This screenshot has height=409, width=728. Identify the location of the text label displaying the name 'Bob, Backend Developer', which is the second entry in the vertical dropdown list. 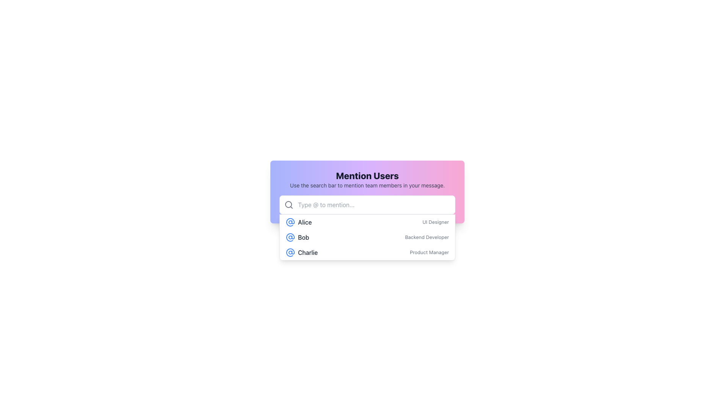
(297, 237).